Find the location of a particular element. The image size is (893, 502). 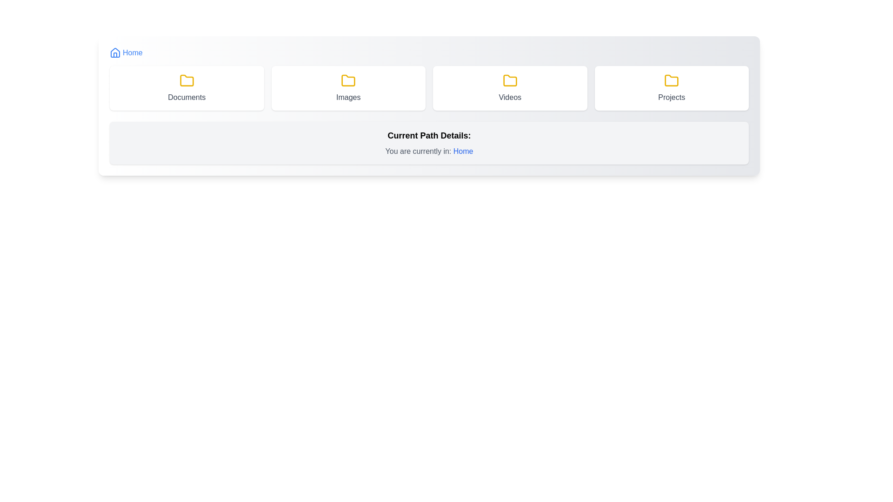

the home icon located in the upper-left part of the interface is located at coordinates (115, 53).